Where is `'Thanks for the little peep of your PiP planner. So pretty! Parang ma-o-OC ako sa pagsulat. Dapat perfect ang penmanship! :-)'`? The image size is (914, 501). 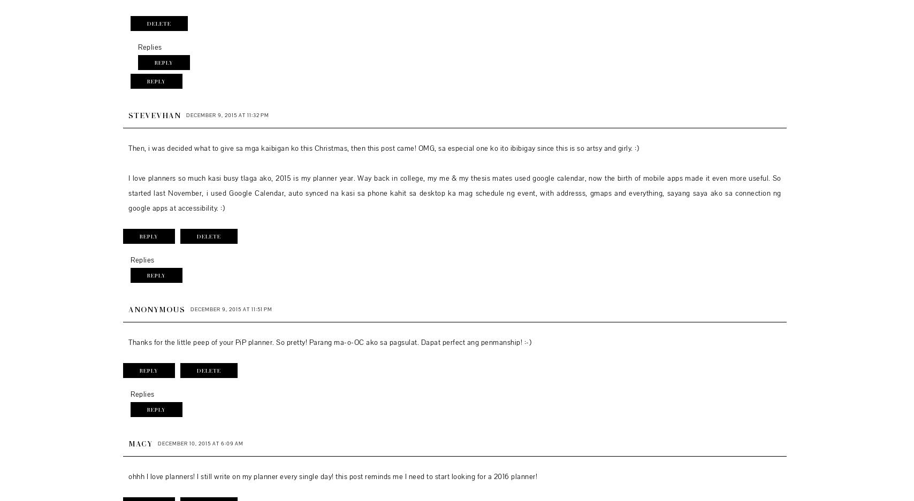 'Thanks for the little peep of your PiP planner. So pretty! Parang ma-o-OC ako sa pagsulat. Dapat perfect ang penmanship! :-)' is located at coordinates (330, 342).